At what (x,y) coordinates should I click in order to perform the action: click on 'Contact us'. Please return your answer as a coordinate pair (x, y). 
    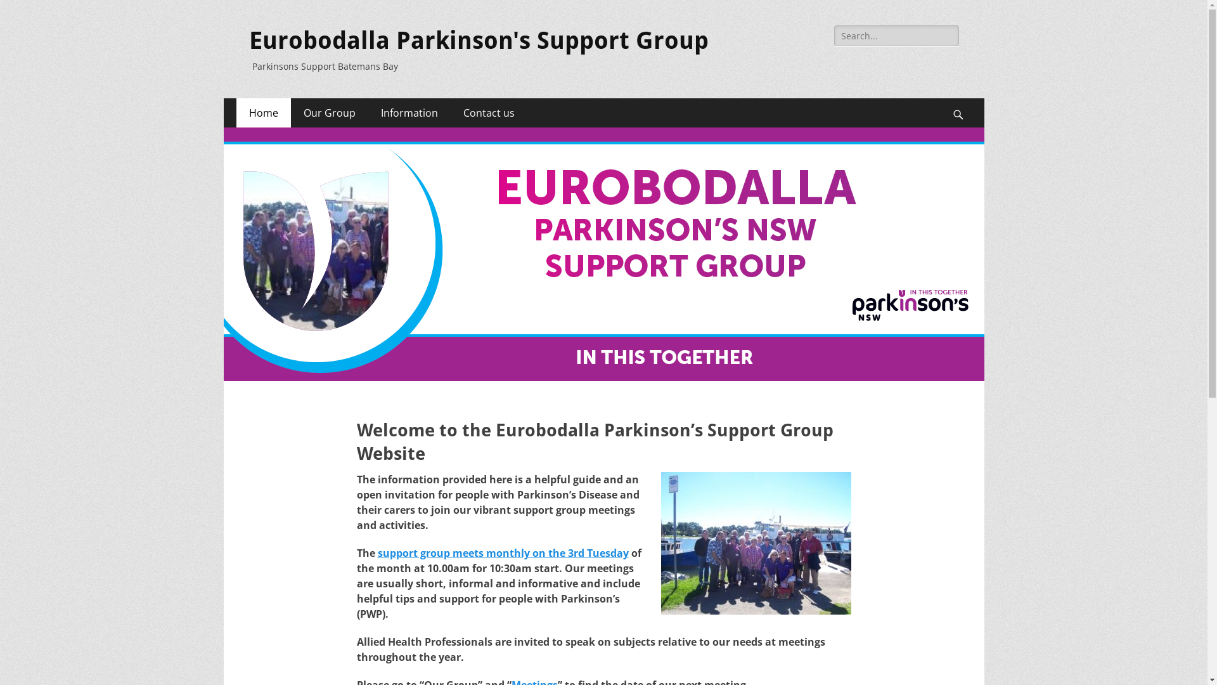
    Looking at the image, I should click on (487, 112).